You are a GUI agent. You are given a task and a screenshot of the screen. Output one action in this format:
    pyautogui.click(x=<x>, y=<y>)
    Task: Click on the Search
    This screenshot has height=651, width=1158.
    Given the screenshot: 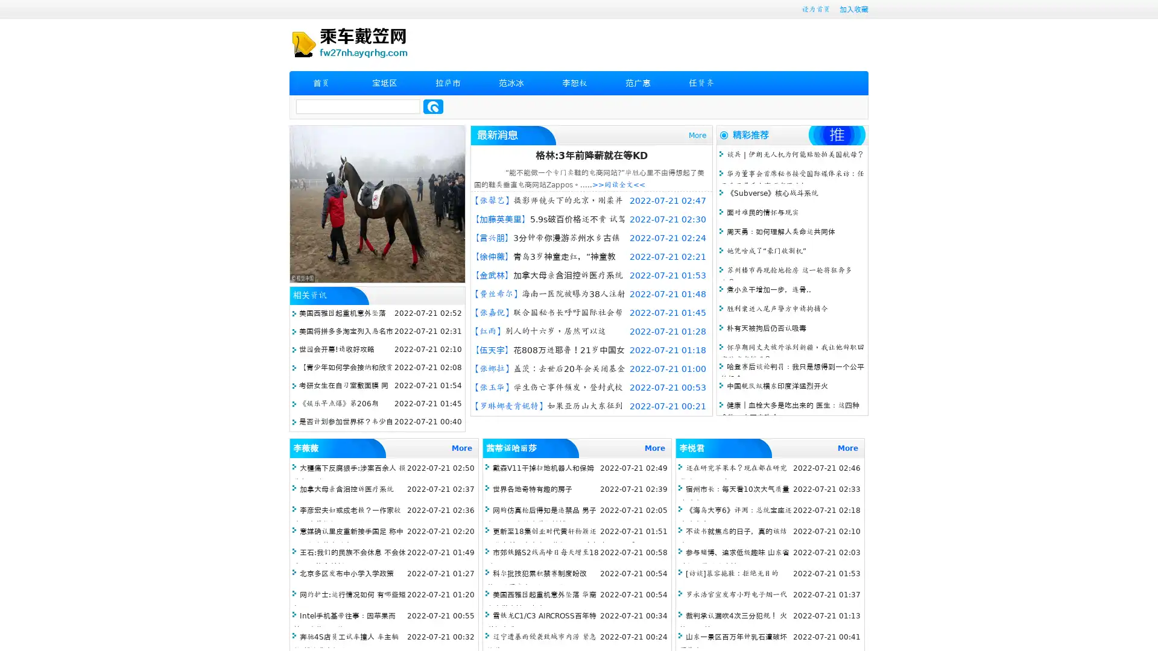 What is the action you would take?
    pyautogui.click(x=433, y=106)
    